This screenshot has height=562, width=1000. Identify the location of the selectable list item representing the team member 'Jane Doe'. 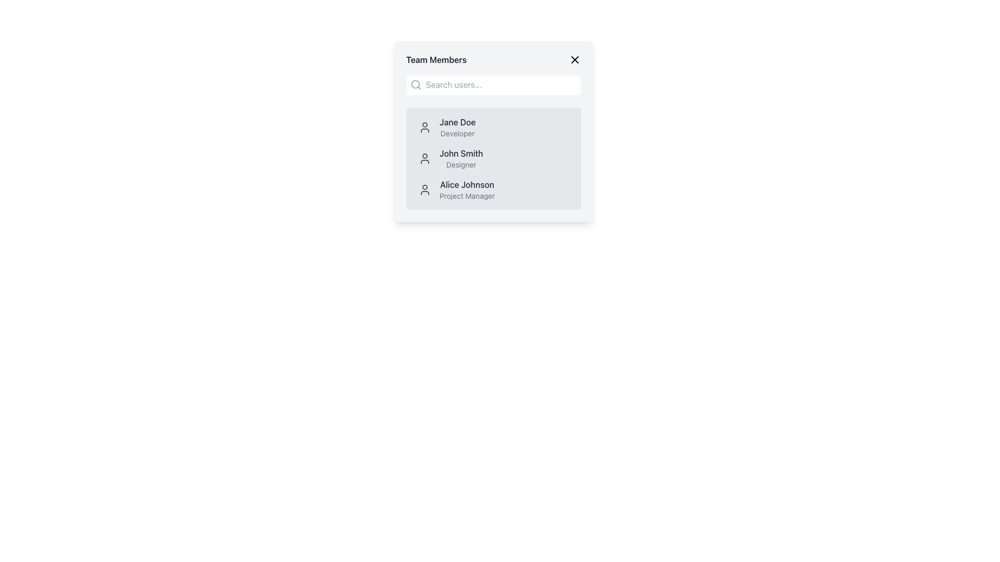
(493, 127).